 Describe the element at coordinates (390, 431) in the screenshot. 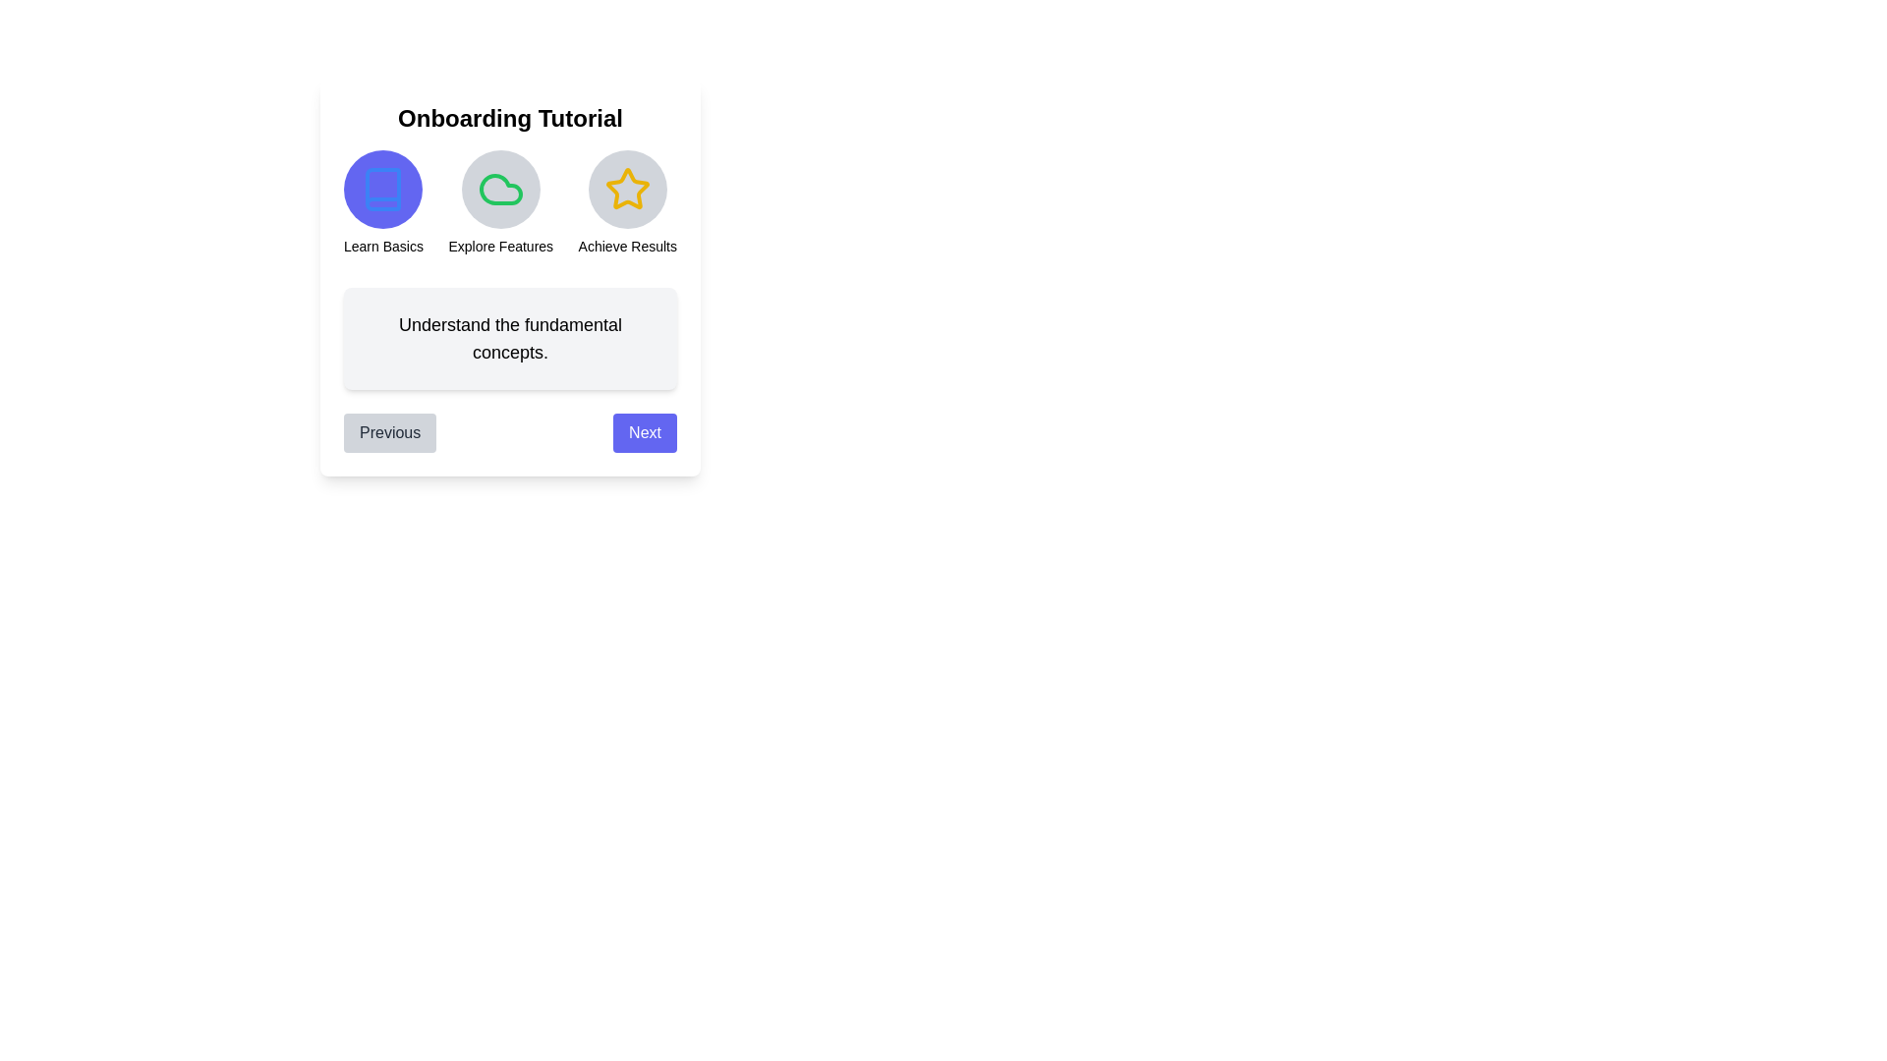

I see `the Previous button to navigate the tutorial` at that location.